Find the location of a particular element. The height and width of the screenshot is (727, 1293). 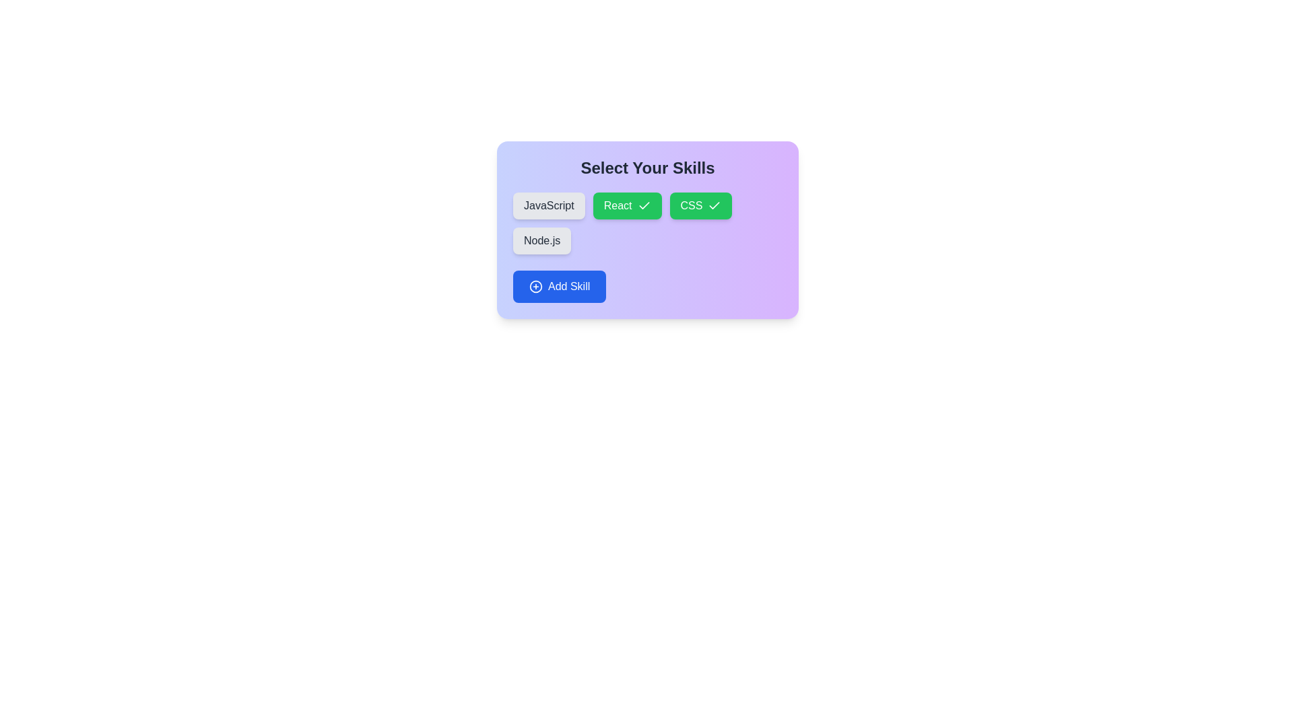

the skill Node.js is located at coordinates (542, 240).